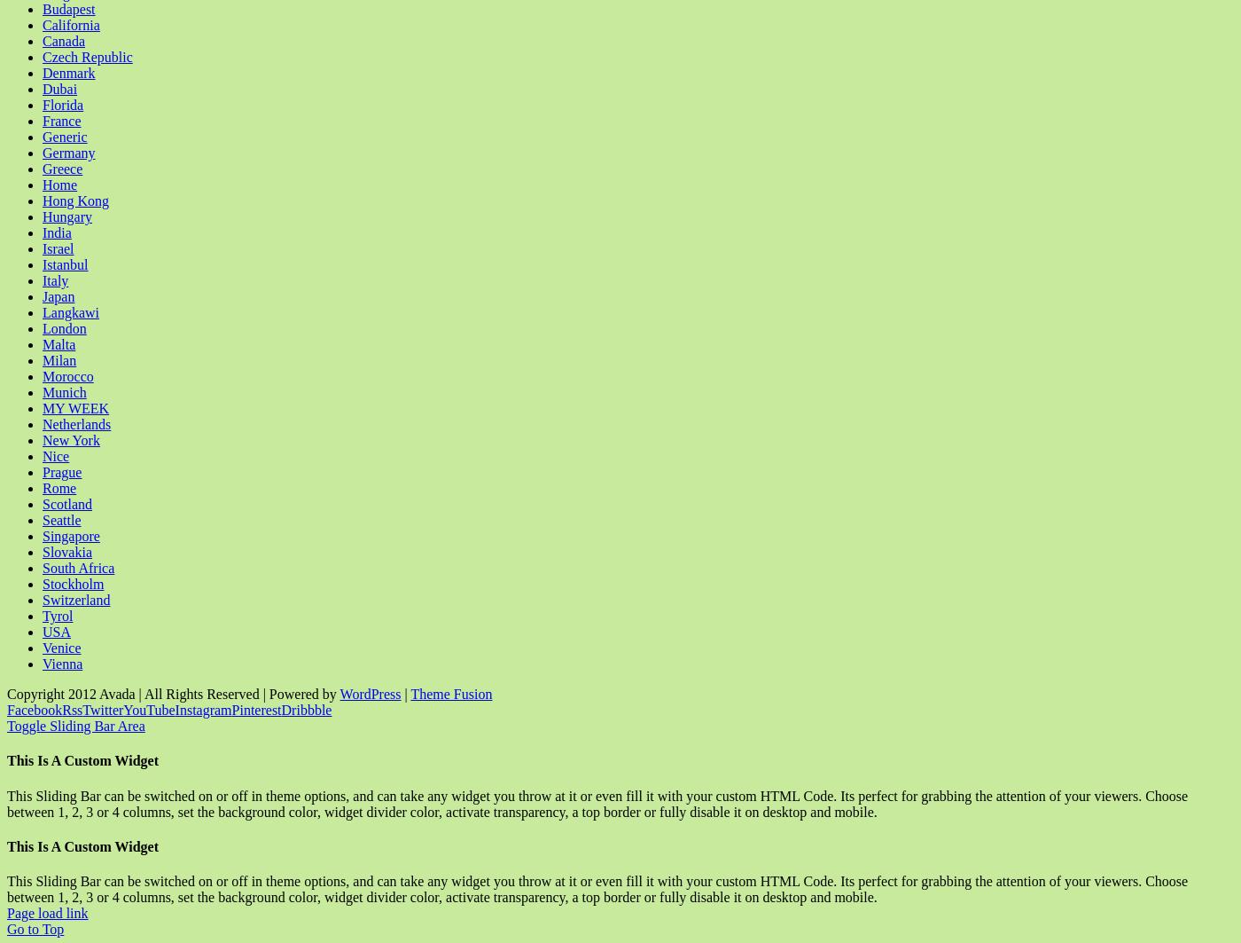  Describe the element at coordinates (75, 408) in the screenshot. I see `'MY WEEK'` at that location.